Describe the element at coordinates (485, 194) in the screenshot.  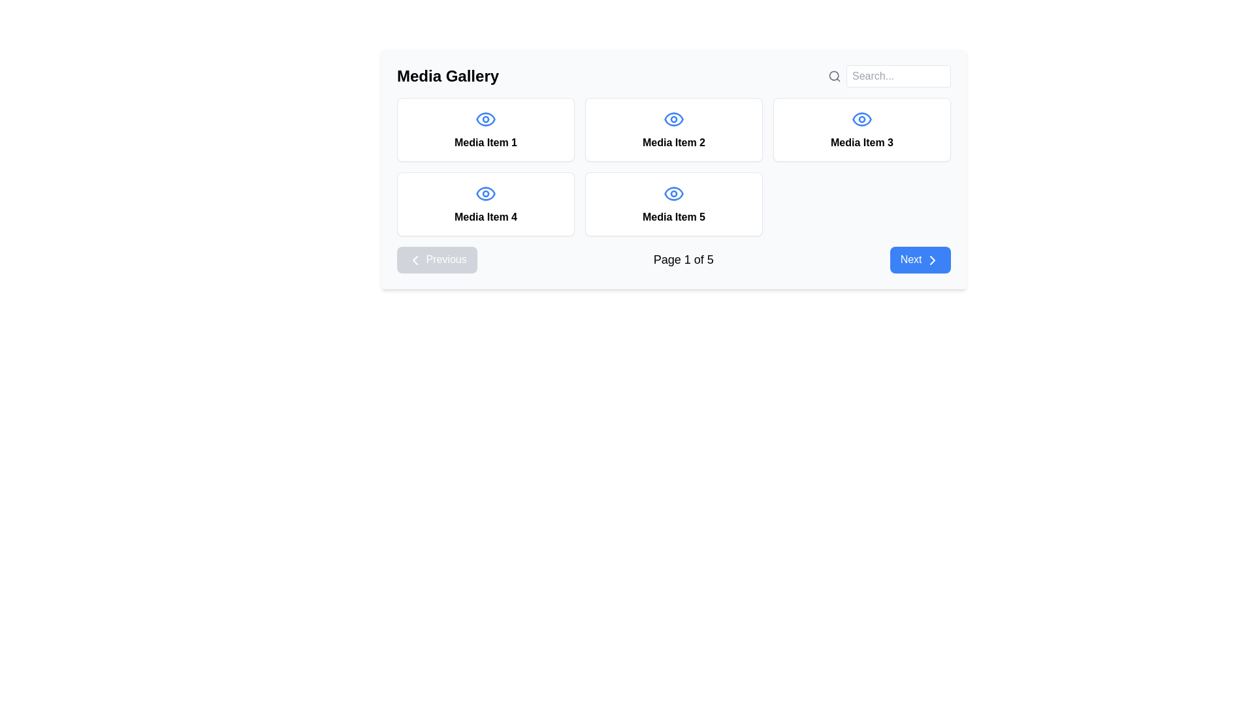
I see `properties of the outer elliptical contour of the eye-shaped icon in the 'Media Item 4' card by opening the developer tools` at that location.